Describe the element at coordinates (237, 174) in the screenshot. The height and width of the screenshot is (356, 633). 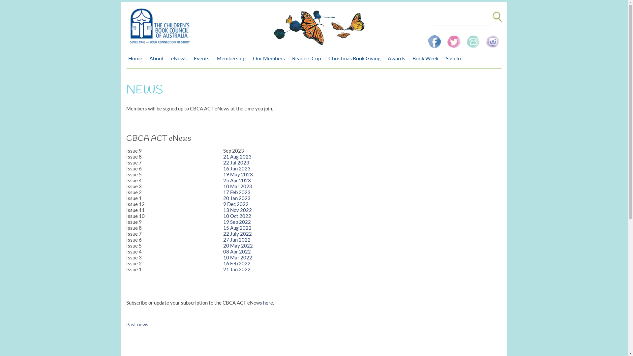
I see `'19 May 2023'` at that location.